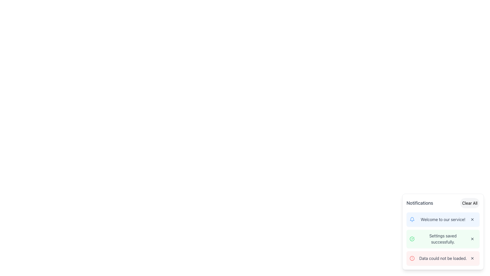 This screenshot has height=276, width=490. Describe the element at coordinates (472, 239) in the screenshot. I see `the circular button with a gray hover background effect` at that location.